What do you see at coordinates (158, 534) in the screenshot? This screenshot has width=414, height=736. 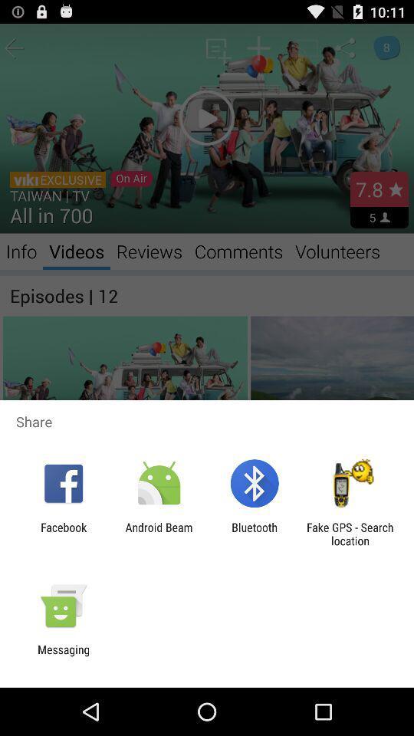 I see `app to the left of the bluetooth` at bounding box center [158, 534].